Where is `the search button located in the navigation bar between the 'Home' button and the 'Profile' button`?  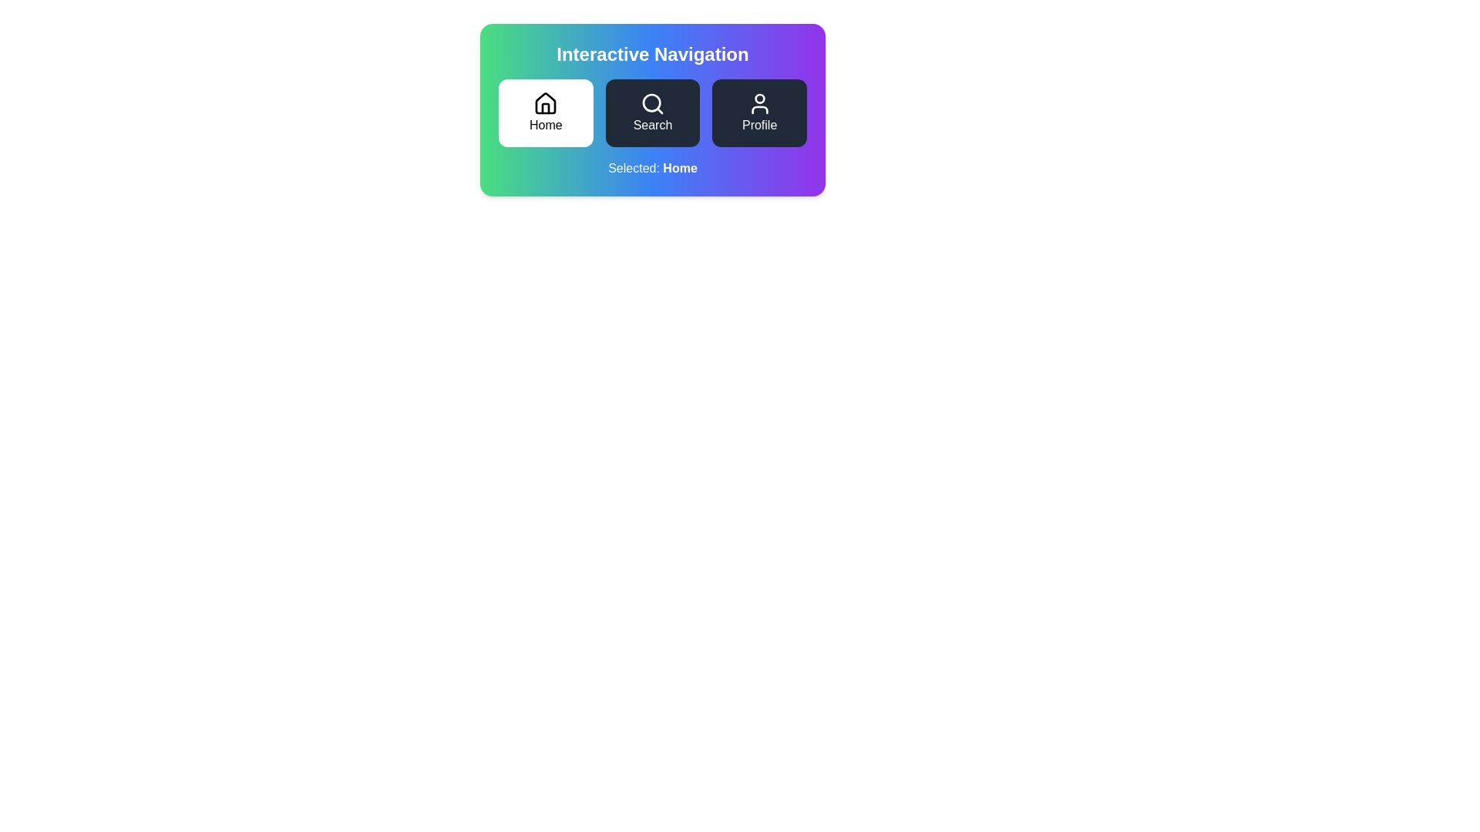
the search button located in the navigation bar between the 'Home' button and the 'Profile' button is located at coordinates (652, 112).